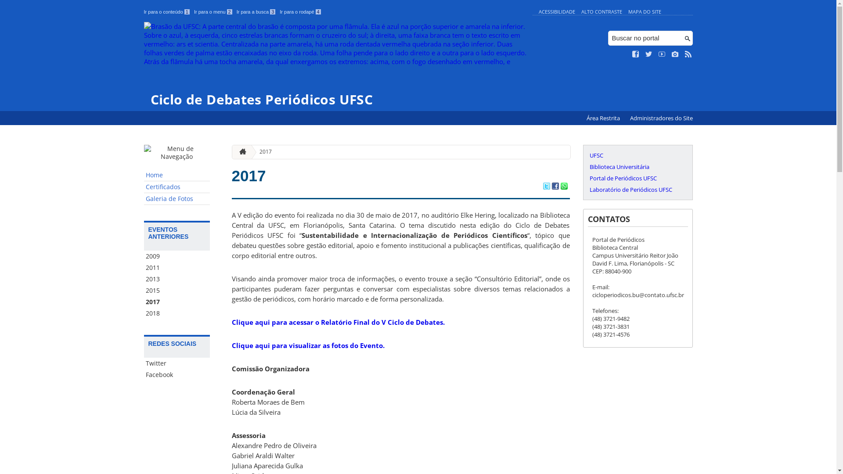 This screenshot has height=474, width=843. I want to click on 'ACESSIBILIDADE', so click(556, 11).